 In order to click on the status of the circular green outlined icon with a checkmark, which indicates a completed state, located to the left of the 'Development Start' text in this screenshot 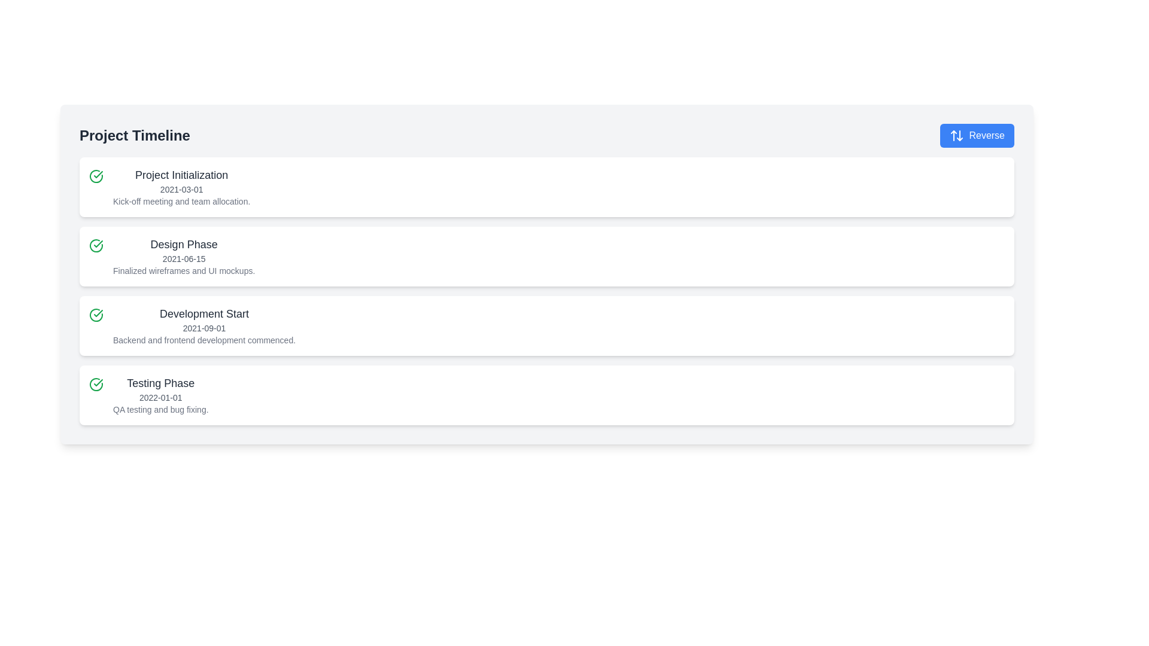, I will do `click(96, 315)`.